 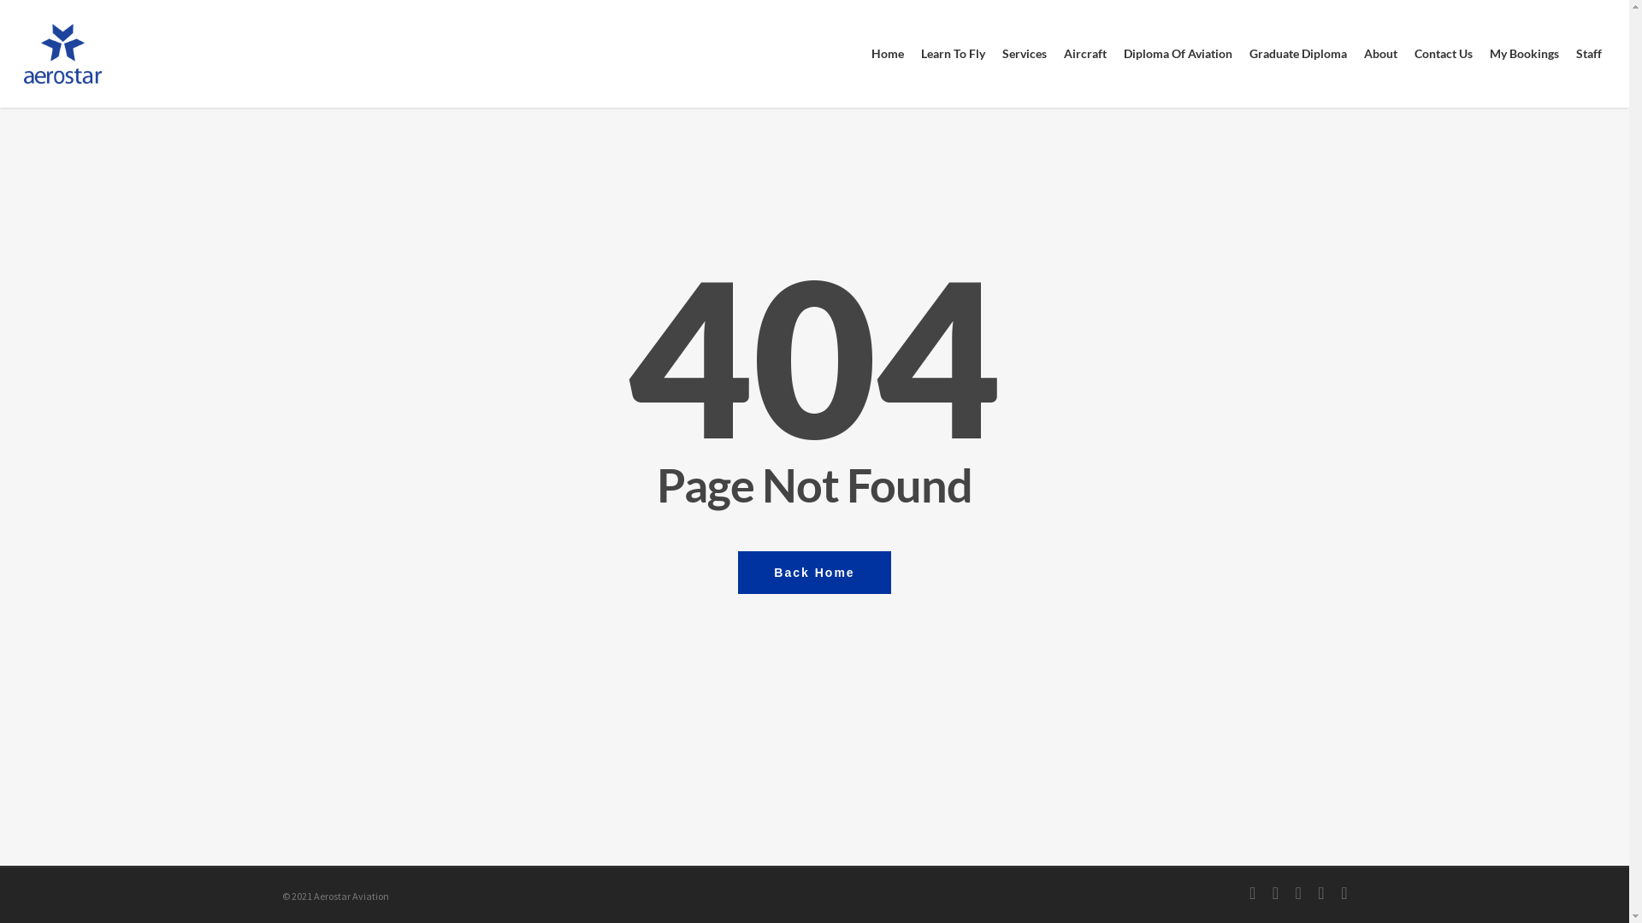 What do you see at coordinates (862, 52) in the screenshot?
I see `'Home'` at bounding box center [862, 52].